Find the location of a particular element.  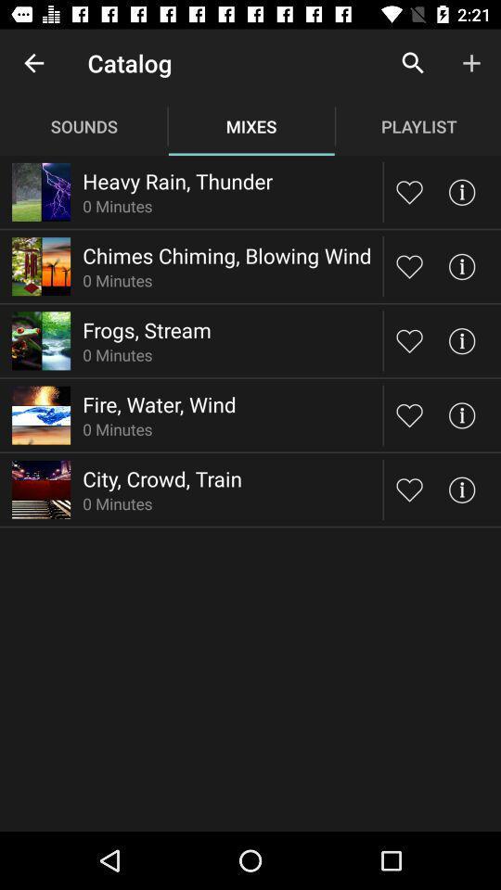

more information is located at coordinates (460, 415).